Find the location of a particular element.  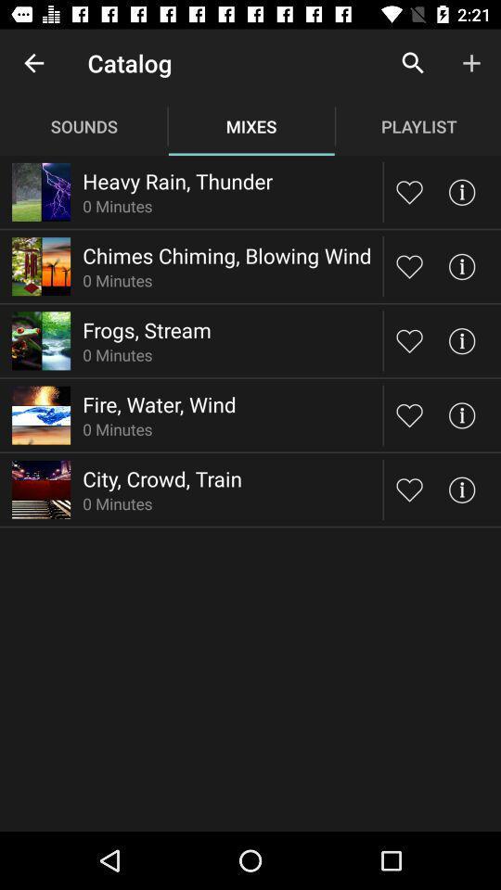

more information is located at coordinates (460, 415).